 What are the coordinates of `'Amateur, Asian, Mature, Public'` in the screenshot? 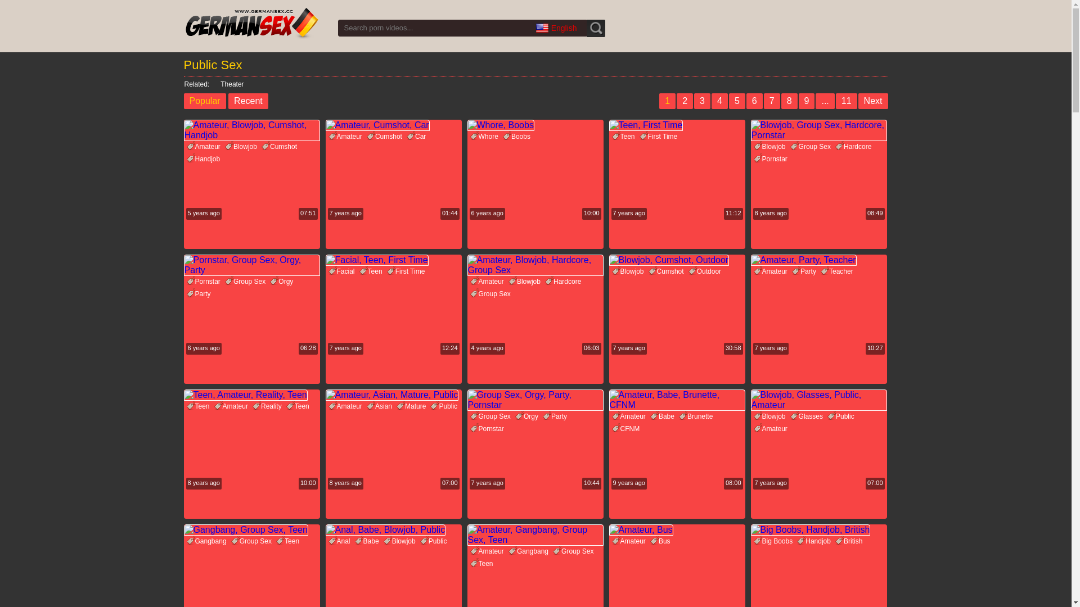 It's located at (393, 394).